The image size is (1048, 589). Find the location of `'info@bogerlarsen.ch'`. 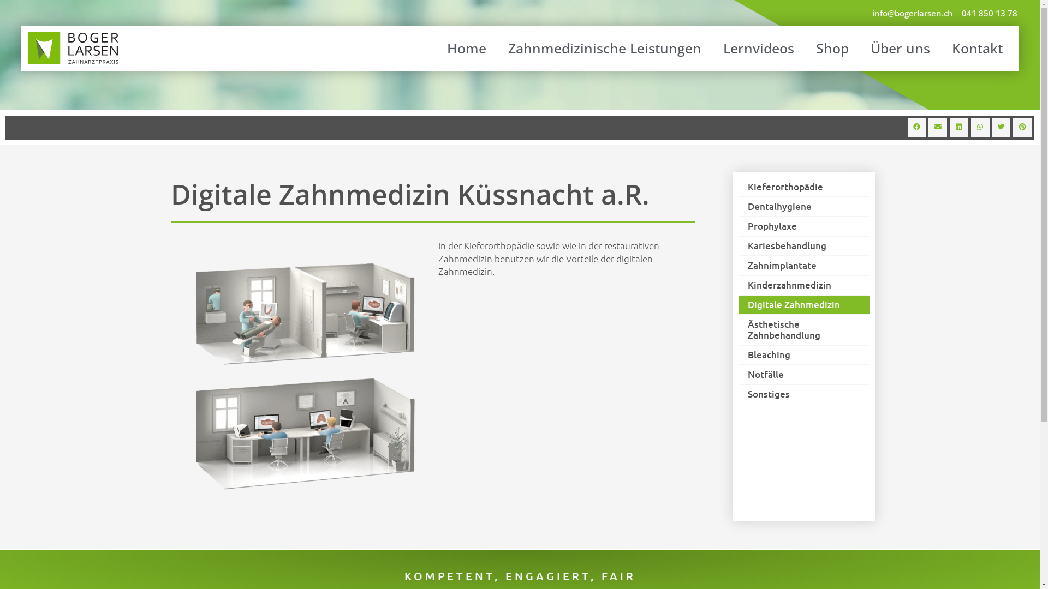

'info@bogerlarsen.ch' is located at coordinates (912, 13).